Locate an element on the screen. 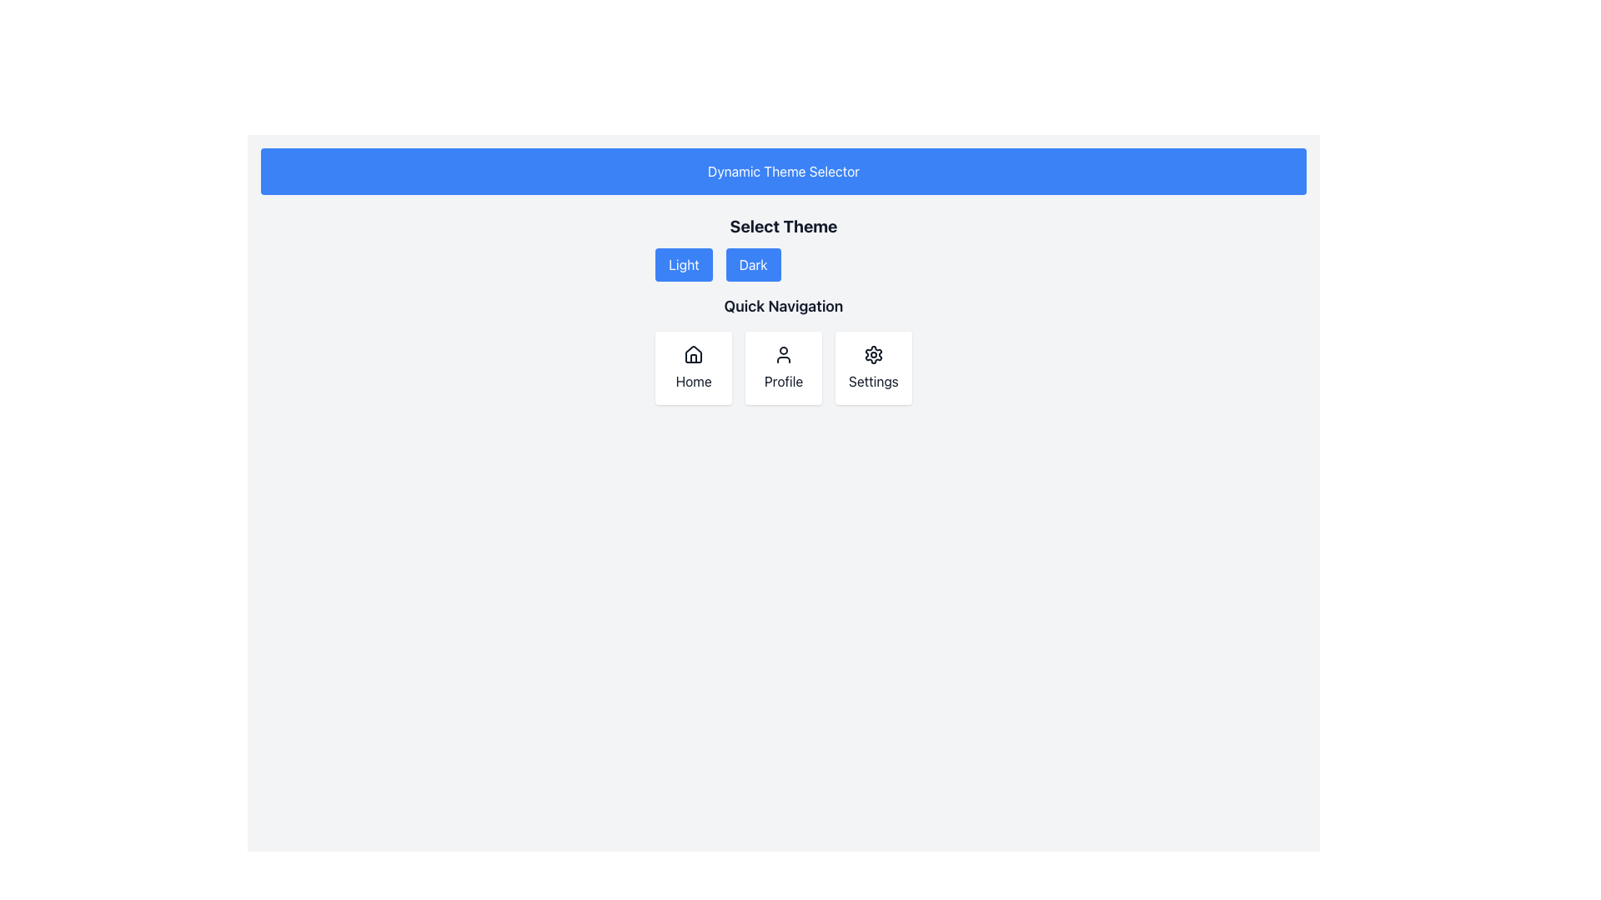 The height and width of the screenshot is (900, 1601). 'Home' icon which represents the home navigation action, located at the center of the 'Home' card is located at coordinates (694, 353).